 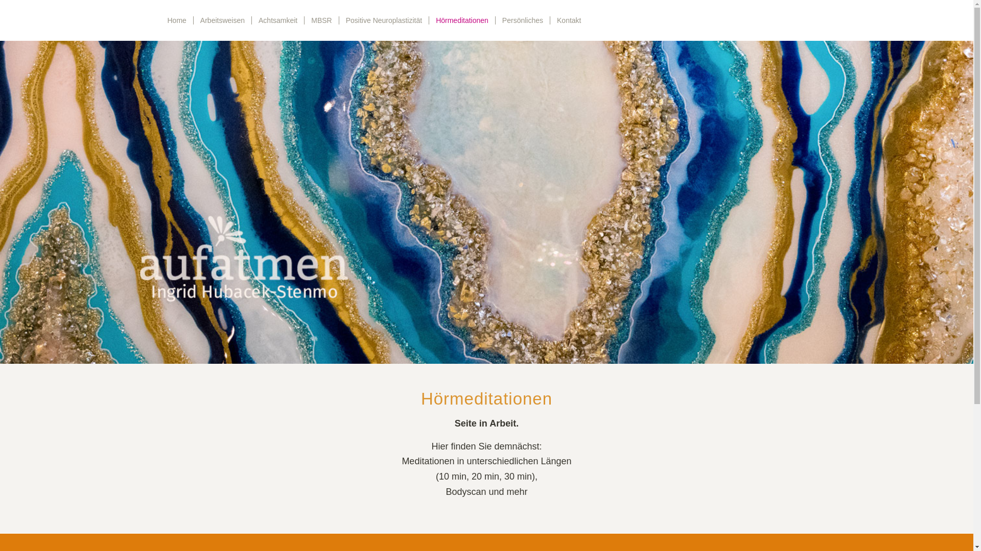 I want to click on 'MBSR', so click(x=320, y=20).